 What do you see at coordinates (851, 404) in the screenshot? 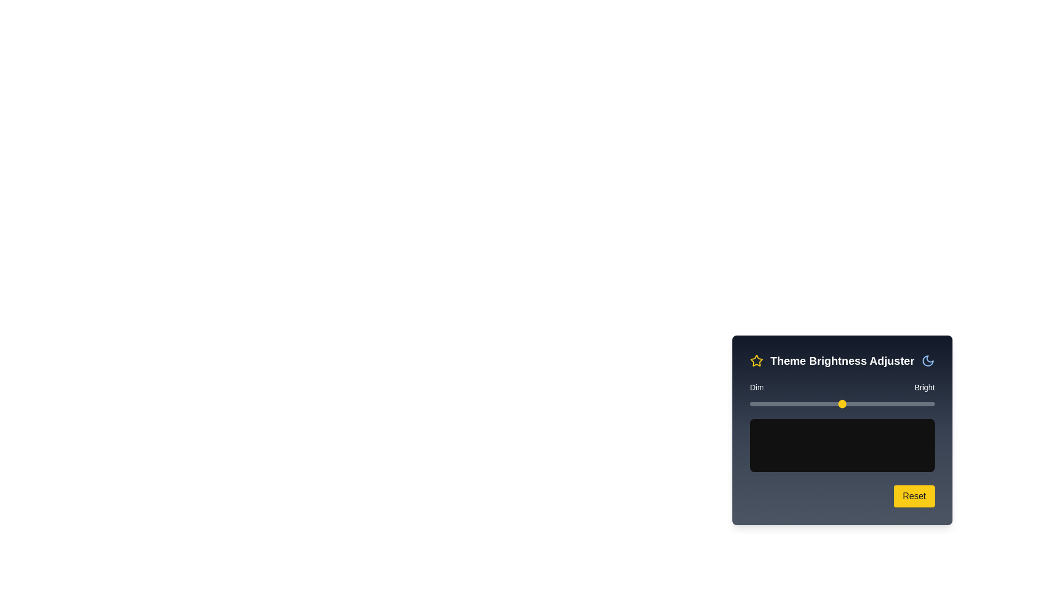
I see `the brightness slider to 55% and observe the preview area` at bounding box center [851, 404].